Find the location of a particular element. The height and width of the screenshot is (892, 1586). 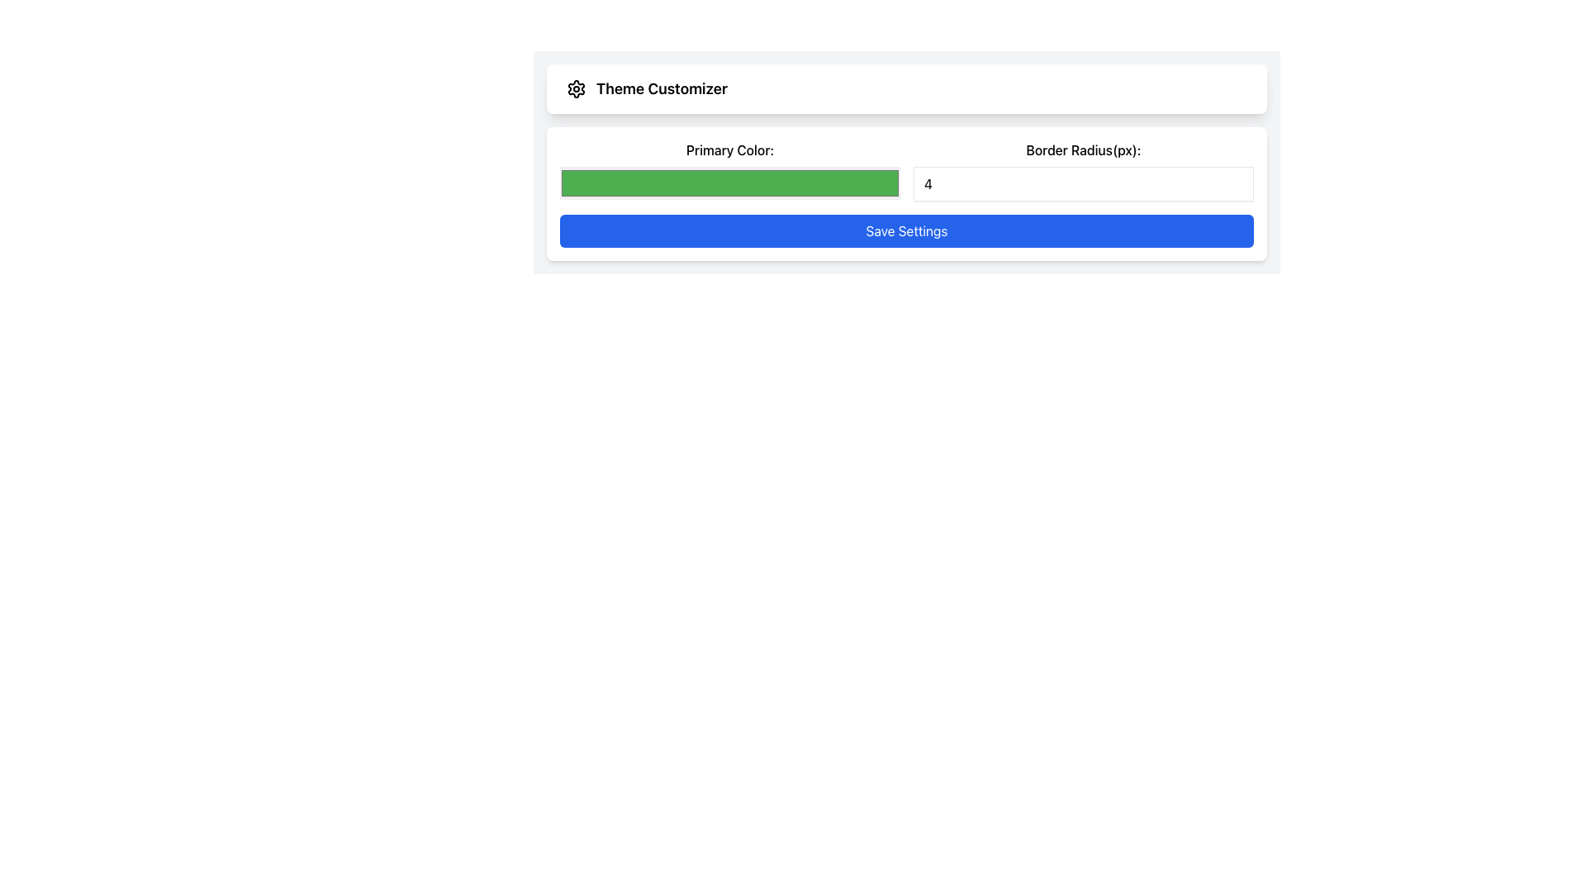

the green-colored Color input field located below the 'Primary Color:' label is located at coordinates (729, 171).